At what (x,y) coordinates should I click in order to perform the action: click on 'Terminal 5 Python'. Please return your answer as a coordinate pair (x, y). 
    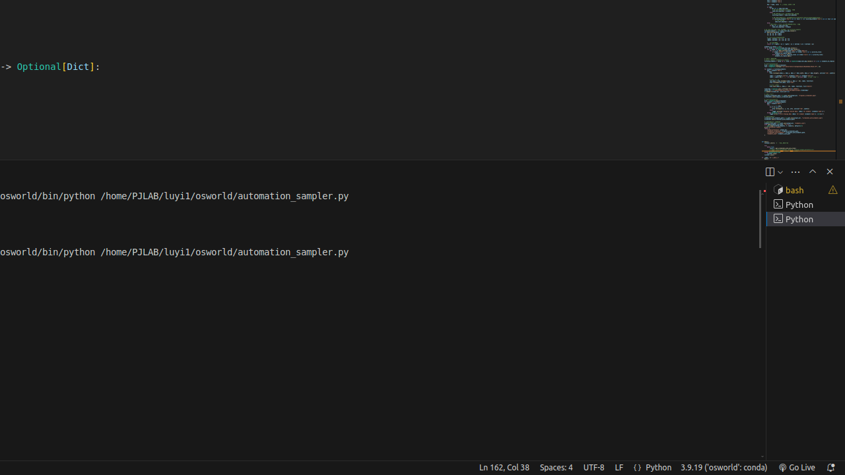
    Looking at the image, I should click on (805, 218).